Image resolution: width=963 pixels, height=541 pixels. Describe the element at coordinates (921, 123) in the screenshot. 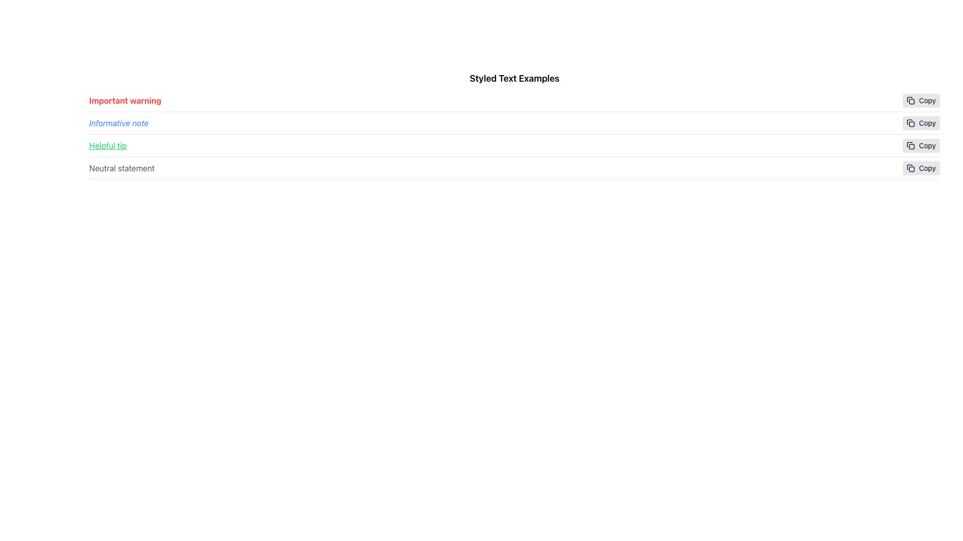

I see `the button with icon and text located on the right side of the second row labeled 'Informative note'` at that location.